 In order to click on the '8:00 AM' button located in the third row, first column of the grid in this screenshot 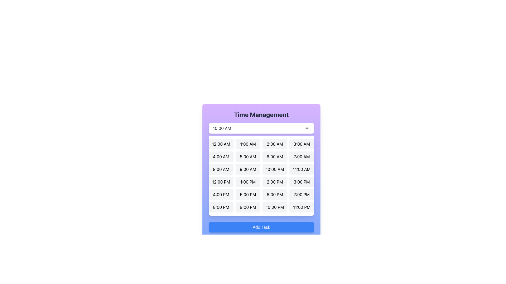, I will do `click(221, 169)`.